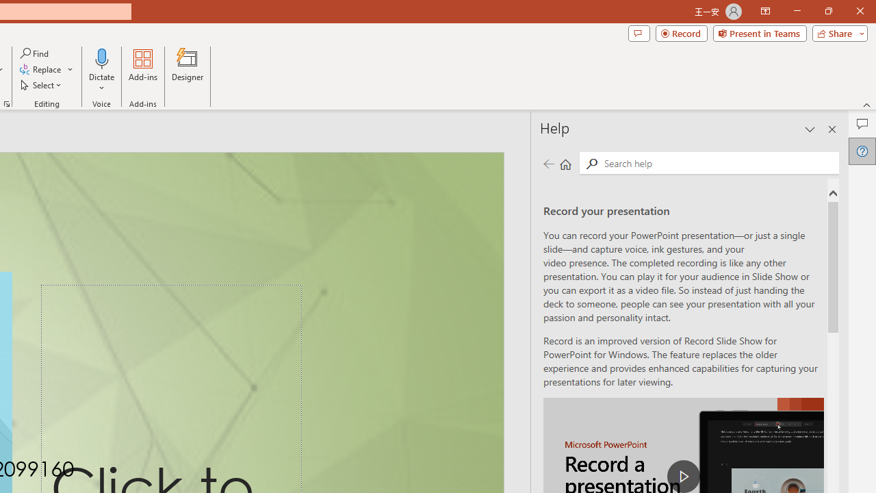  I want to click on 'Dictate', so click(101, 71).